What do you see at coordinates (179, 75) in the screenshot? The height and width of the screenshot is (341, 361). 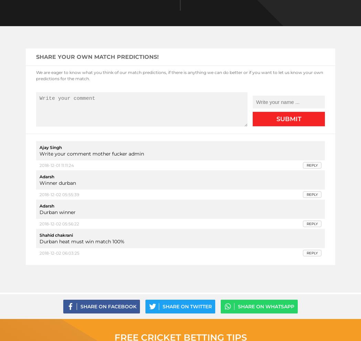 I see `'We are eager to know what you think of our match predictions, if there is anything we can do better or if you want to let us know your own predictions for the match.'` at bounding box center [179, 75].